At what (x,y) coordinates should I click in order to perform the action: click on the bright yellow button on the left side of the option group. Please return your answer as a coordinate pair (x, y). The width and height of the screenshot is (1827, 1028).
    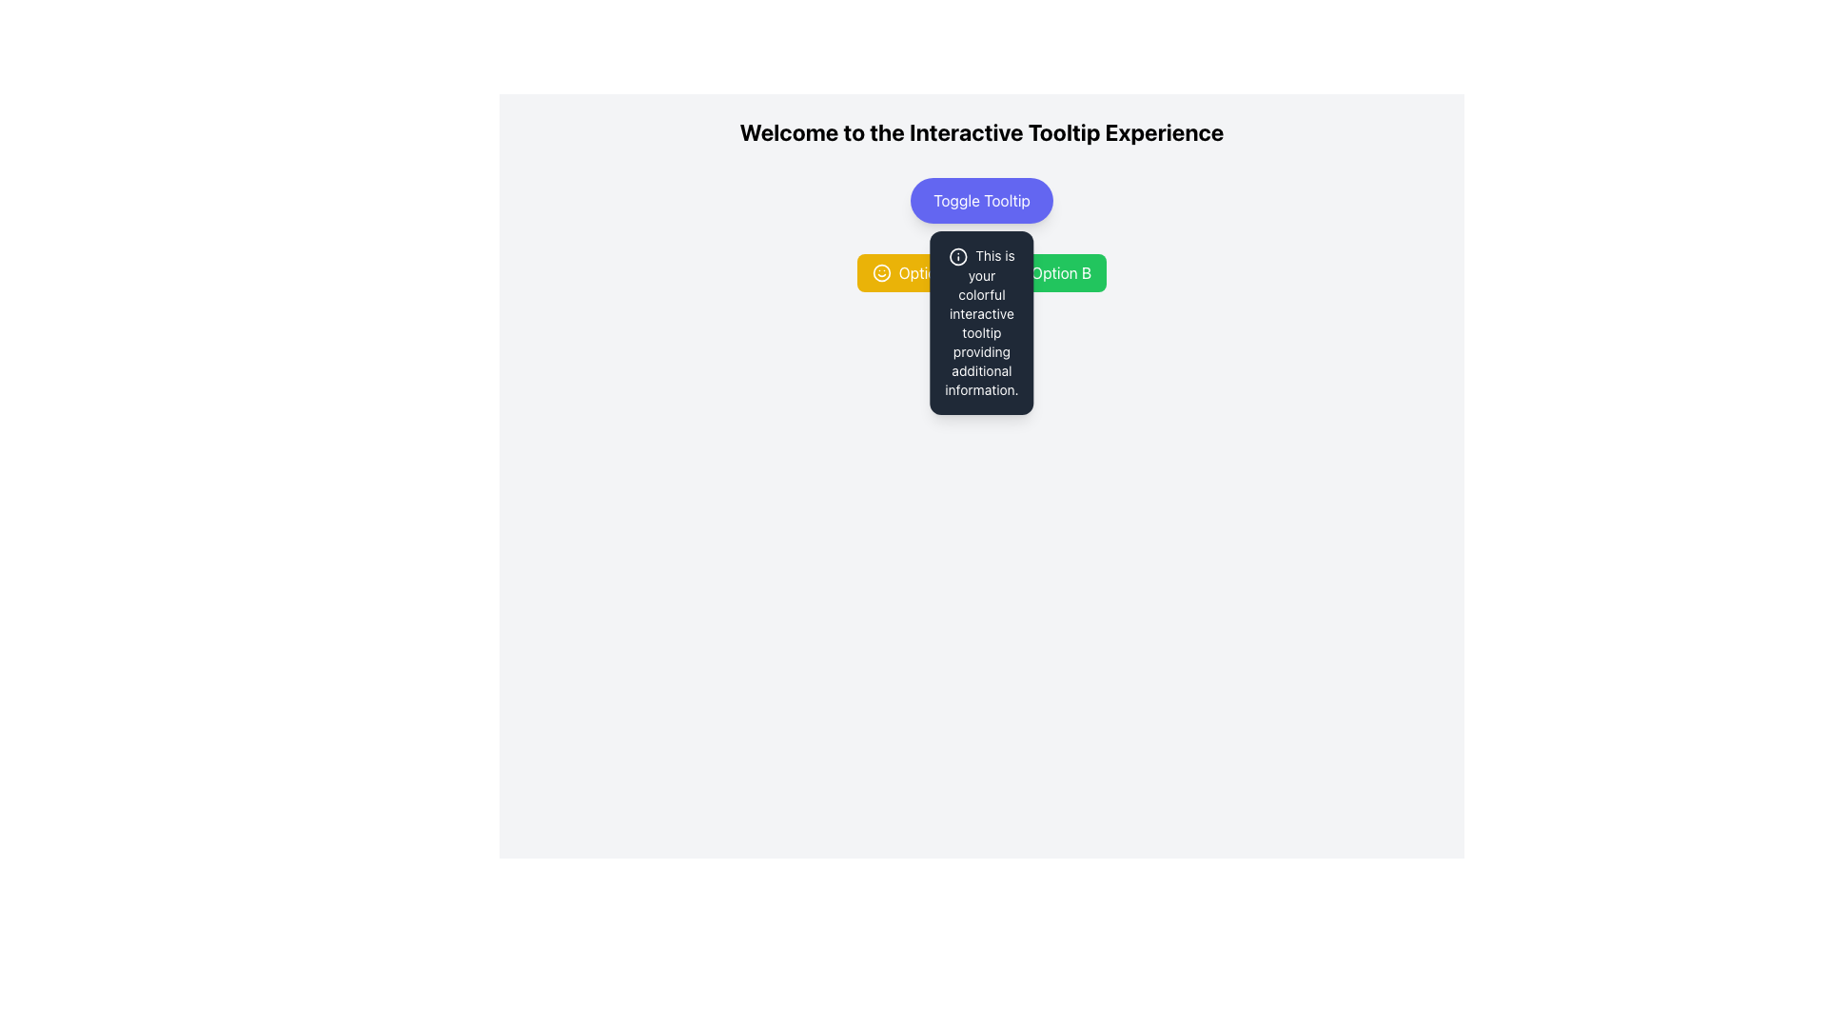
    Looking at the image, I should click on (914, 272).